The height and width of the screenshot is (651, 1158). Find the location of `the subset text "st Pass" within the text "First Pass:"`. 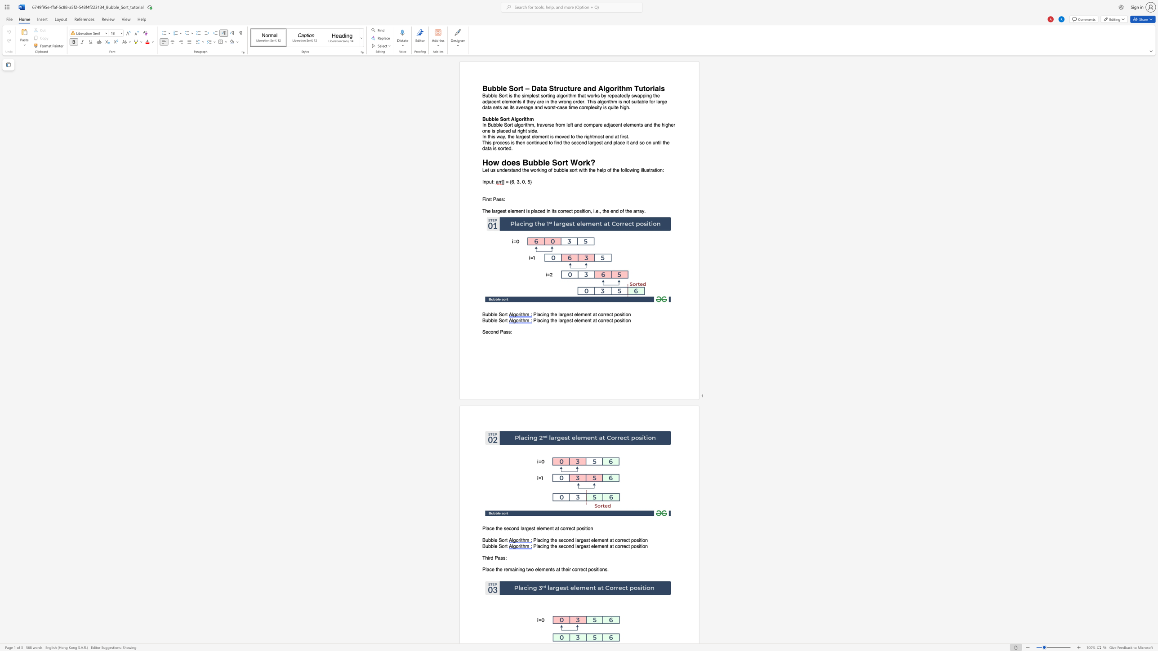

the subset text "st Pass" within the text "First Pass:" is located at coordinates (488, 199).